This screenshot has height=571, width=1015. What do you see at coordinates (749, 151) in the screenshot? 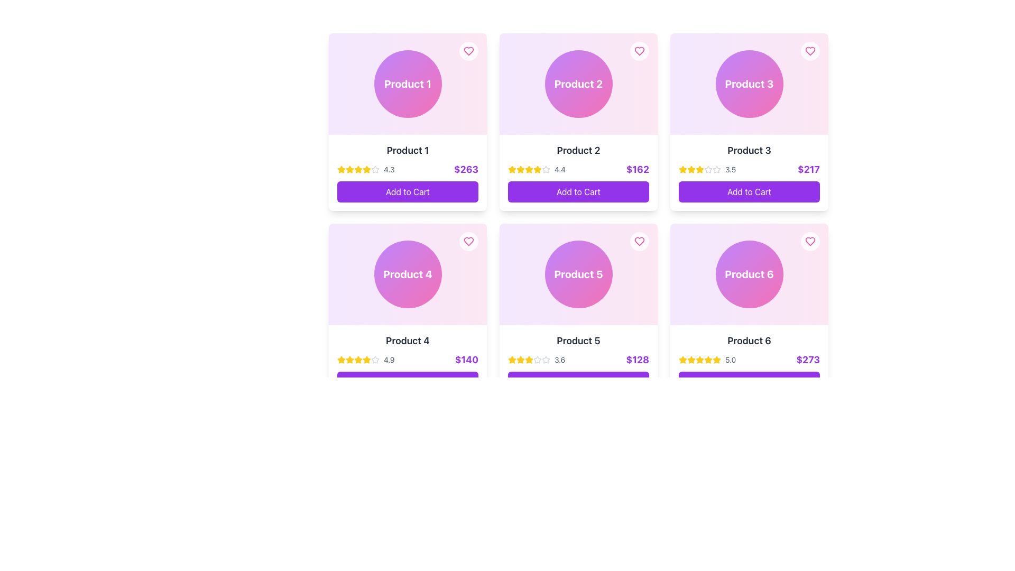
I see `the product name text element located at the top of the product card for 'Product 3'` at bounding box center [749, 151].